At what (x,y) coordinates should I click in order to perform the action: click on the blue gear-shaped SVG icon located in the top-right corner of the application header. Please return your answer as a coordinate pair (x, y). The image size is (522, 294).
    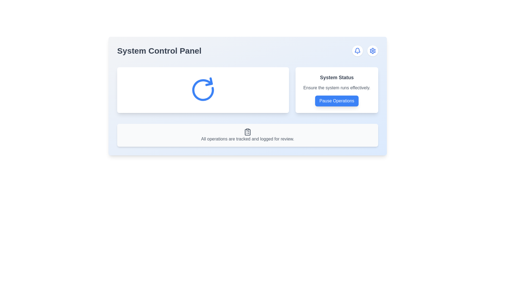
    Looking at the image, I should click on (372, 51).